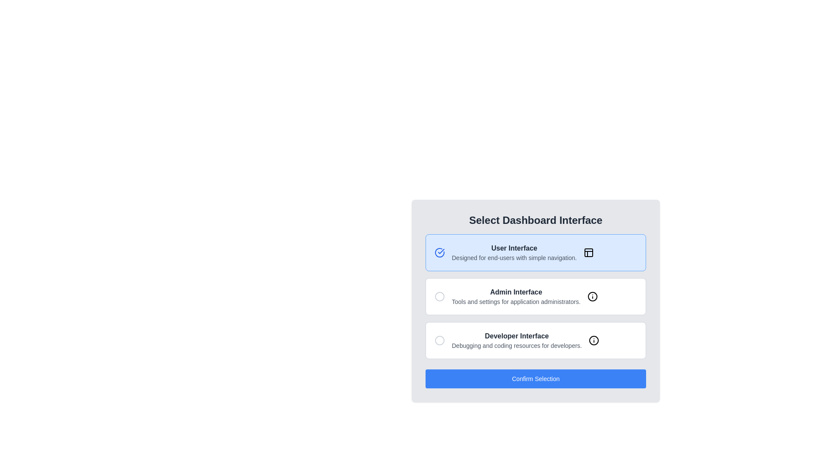  Describe the element at coordinates (440, 296) in the screenshot. I see `the radio button for the 'Admin Interface' option` at that location.